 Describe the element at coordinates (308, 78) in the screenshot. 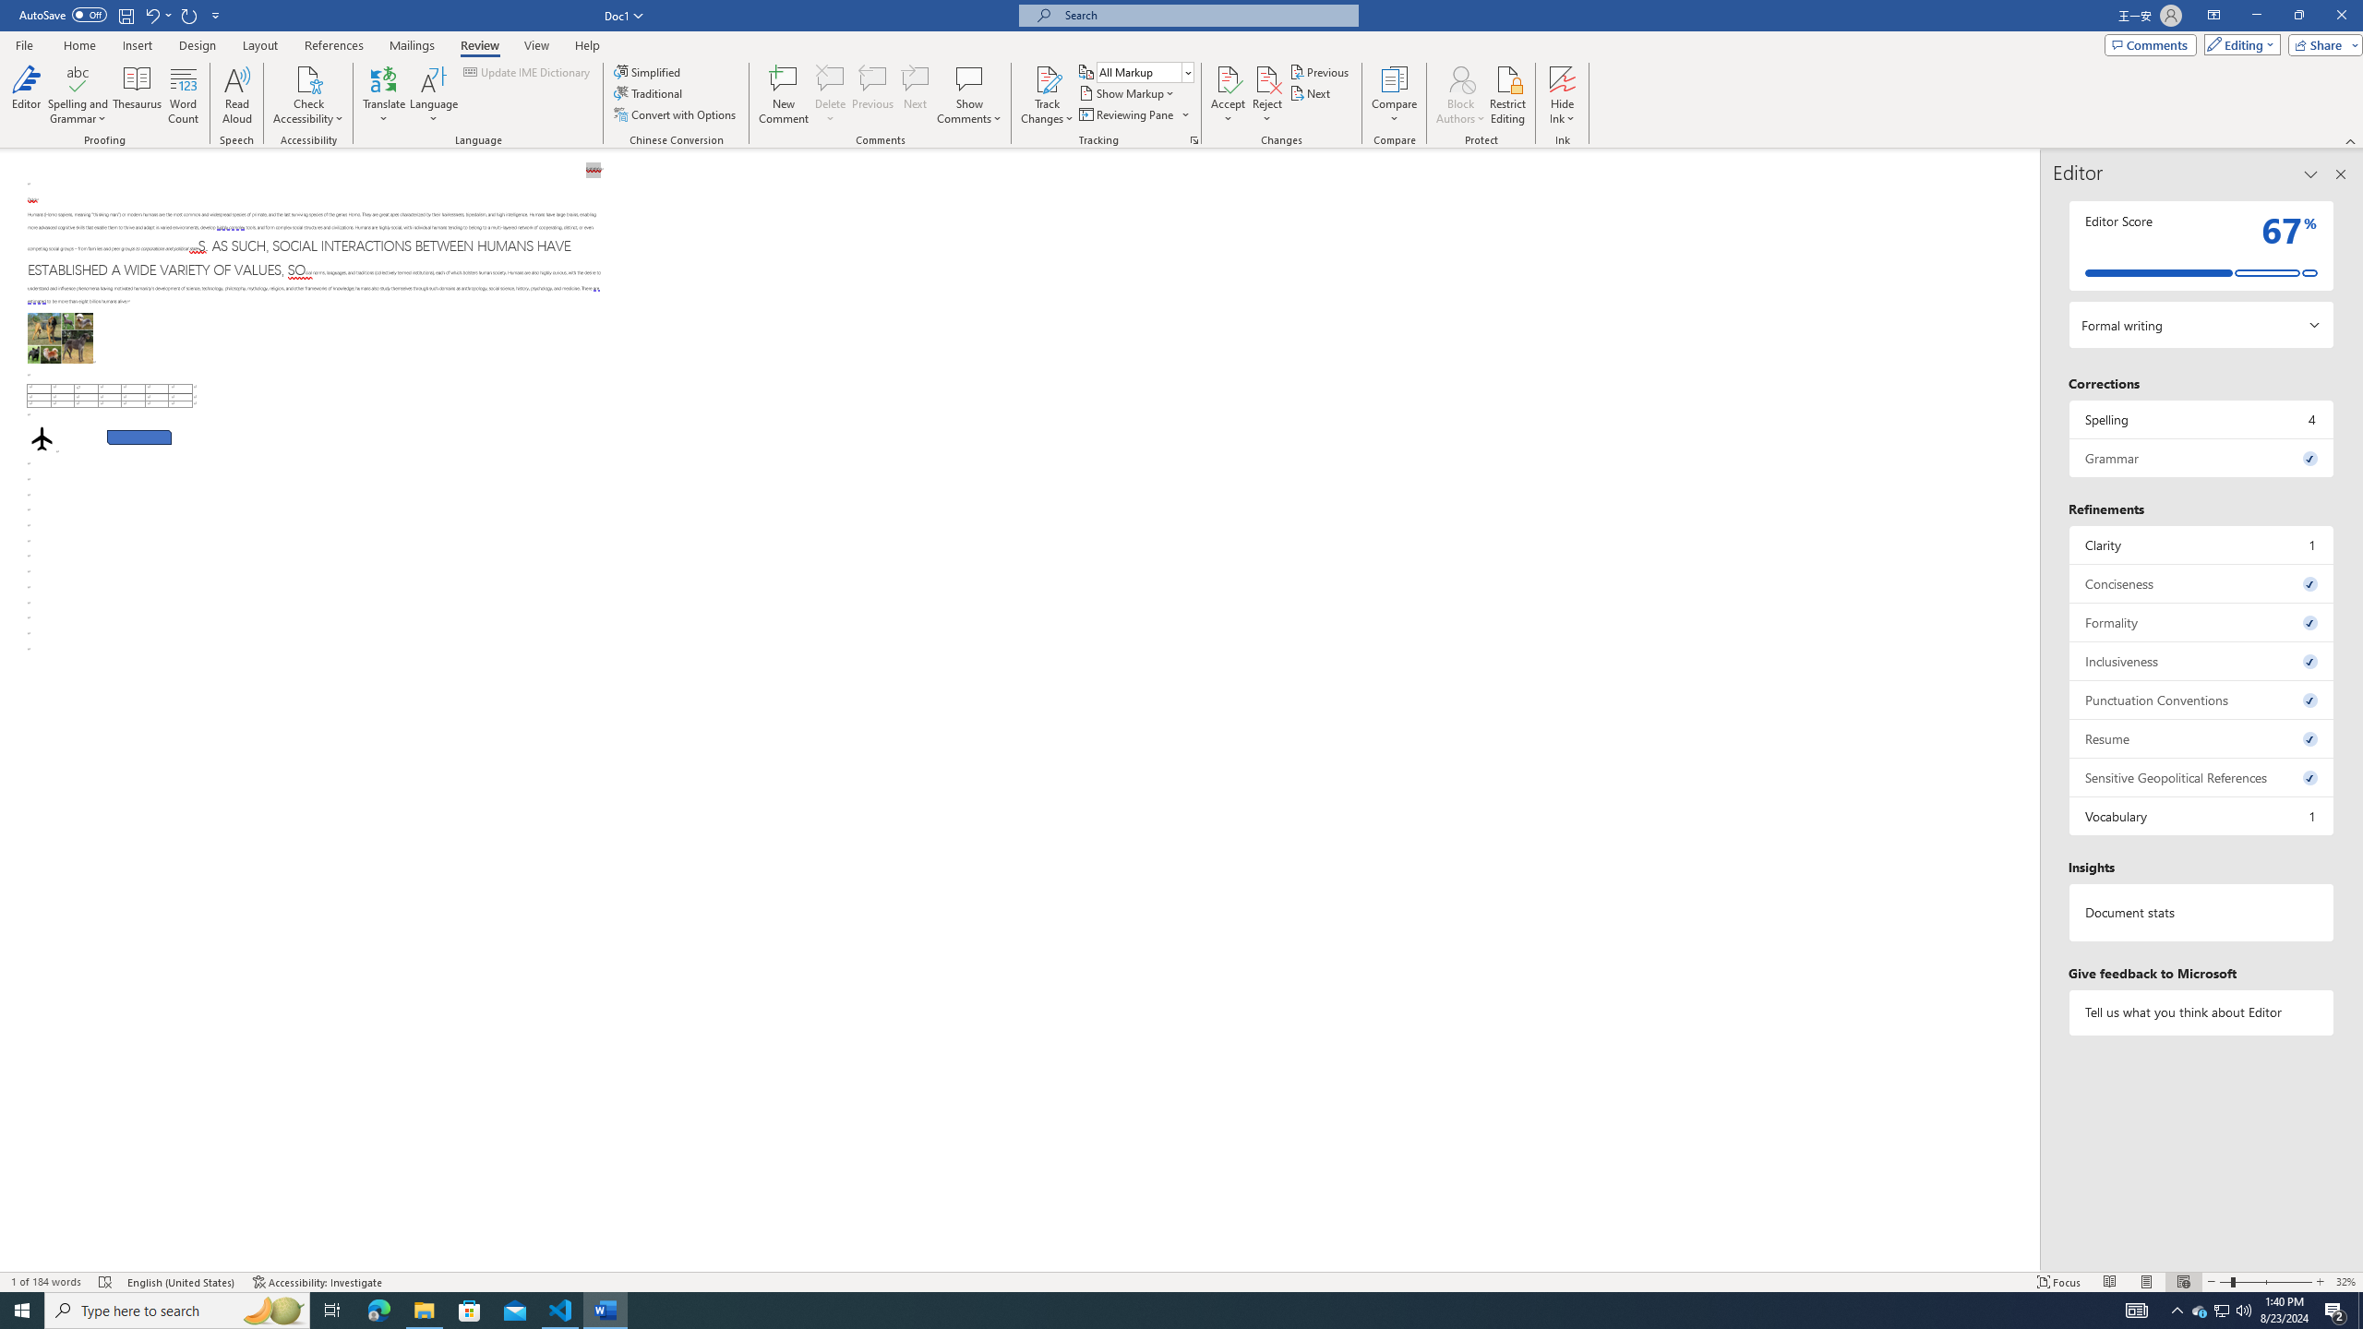

I see `'Check Accessibility'` at that location.